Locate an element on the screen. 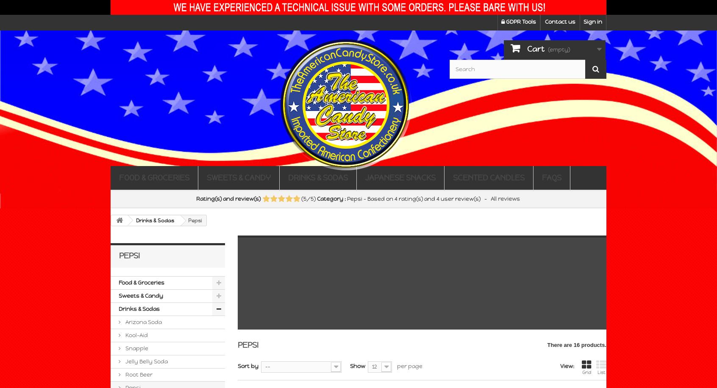 The width and height of the screenshot is (717, 388). 'Rating(s) and review(s)' is located at coordinates (228, 199).